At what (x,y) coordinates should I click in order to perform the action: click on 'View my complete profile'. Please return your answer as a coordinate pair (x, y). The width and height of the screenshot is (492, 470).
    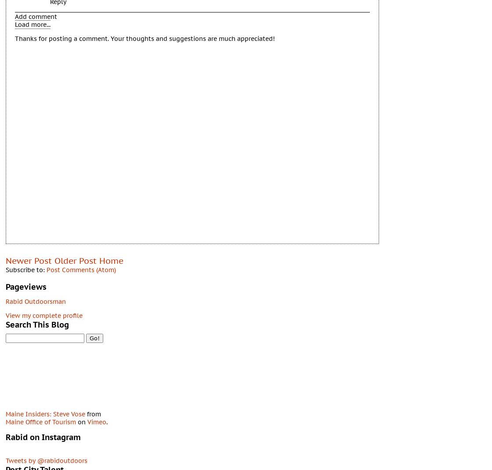
    Looking at the image, I should click on (44, 315).